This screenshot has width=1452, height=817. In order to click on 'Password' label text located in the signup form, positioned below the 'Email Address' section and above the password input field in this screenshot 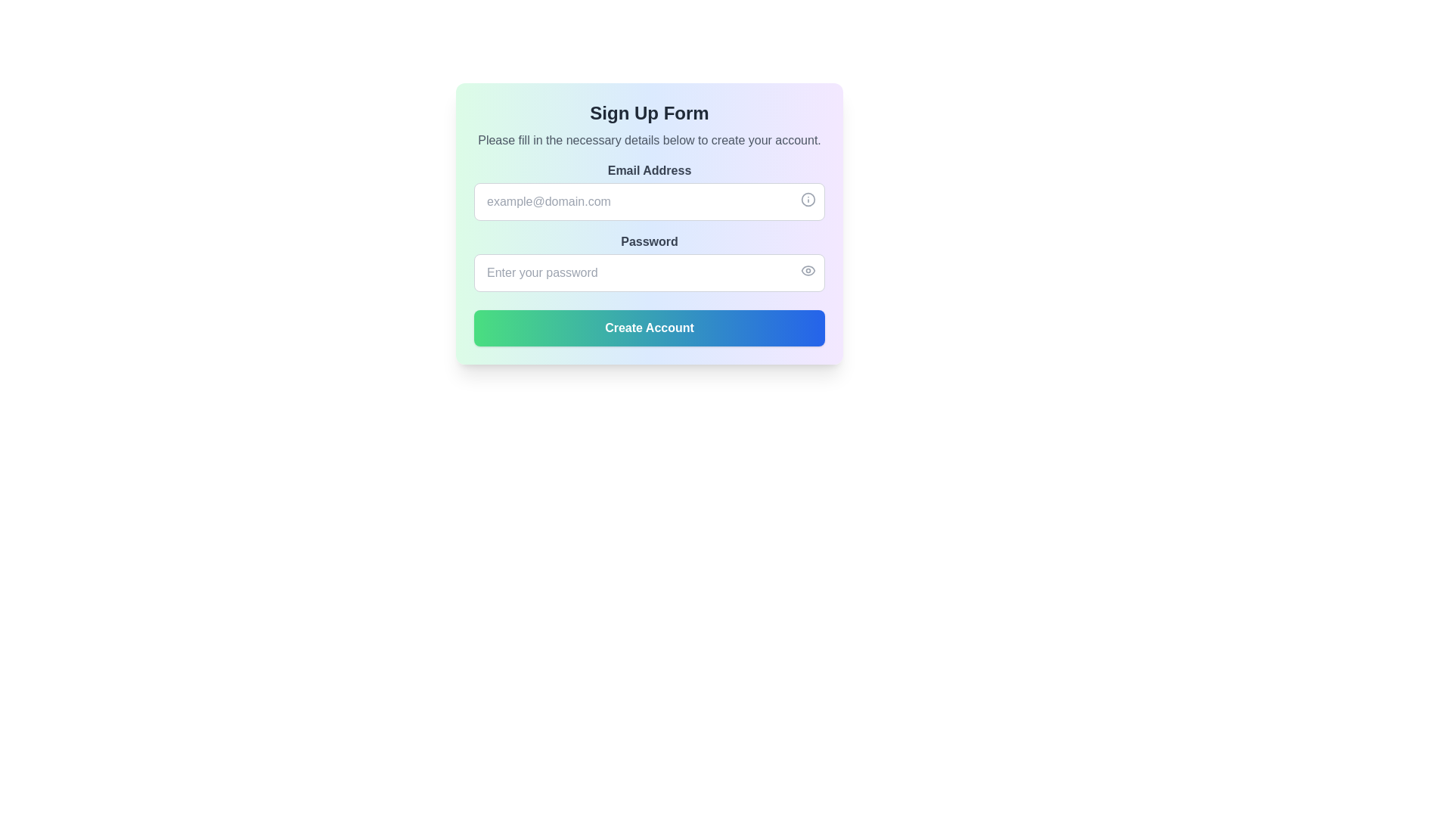, I will do `click(650, 241)`.